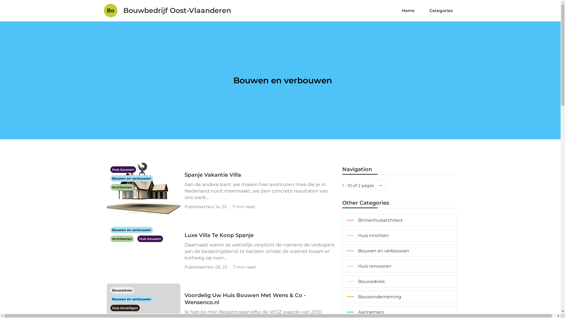  Describe the element at coordinates (399, 281) in the screenshot. I see `'Bouwadvies'` at that location.